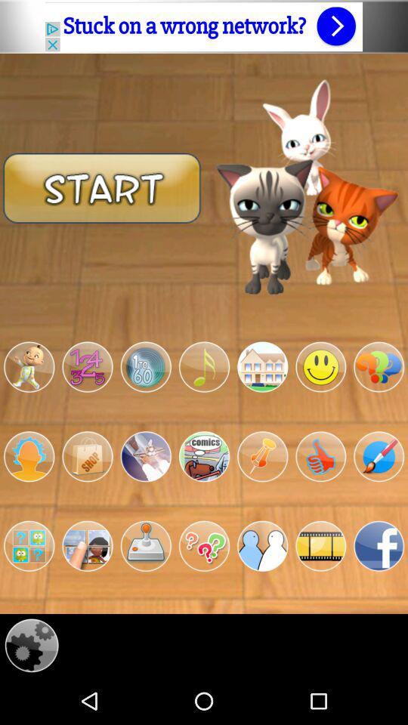 This screenshot has height=725, width=408. What do you see at coordinates (320, 488) in the screenshot?
I see `the thumbs_up icon` at bounding box center [320, 488].